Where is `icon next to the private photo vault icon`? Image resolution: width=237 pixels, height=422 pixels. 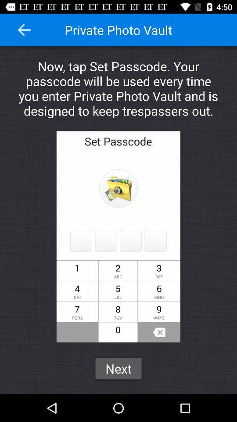 icon next to the private photo vault icon is located at coordinates (24, 30).